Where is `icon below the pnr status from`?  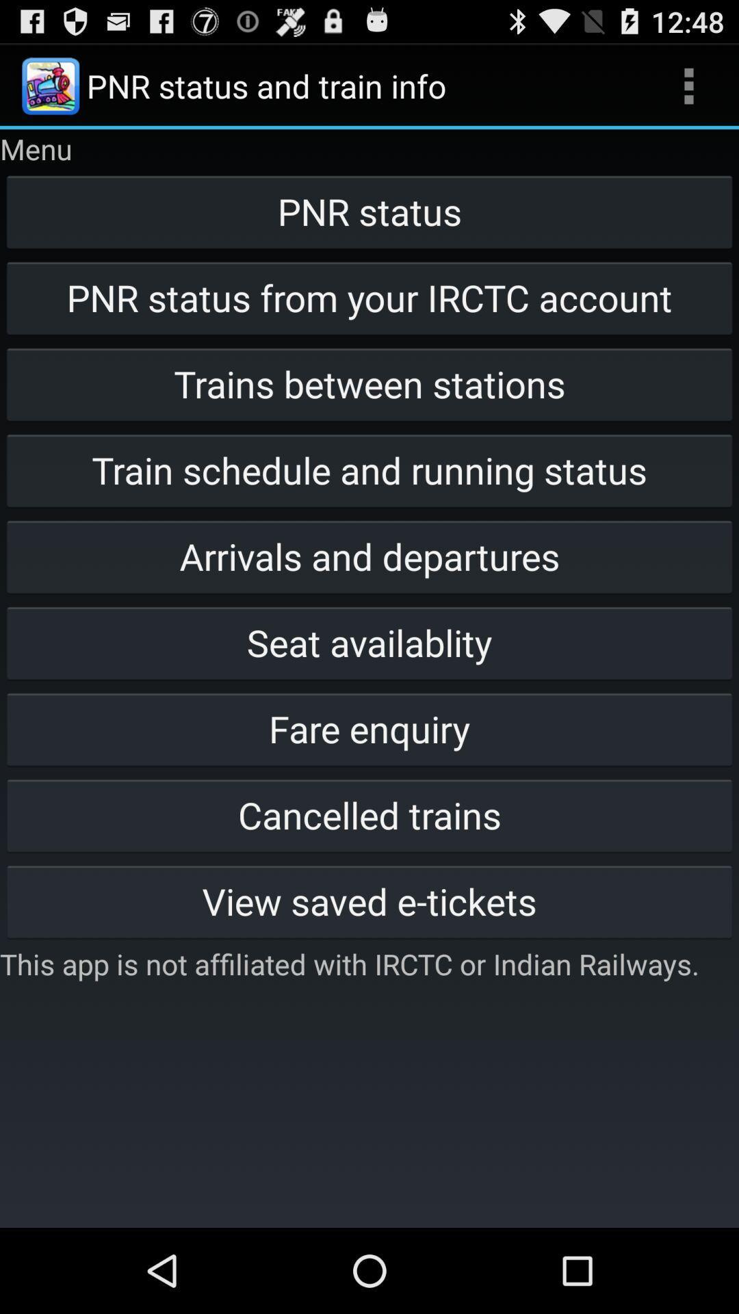
icon below the pnr status from is located at coordinates (369, 383).